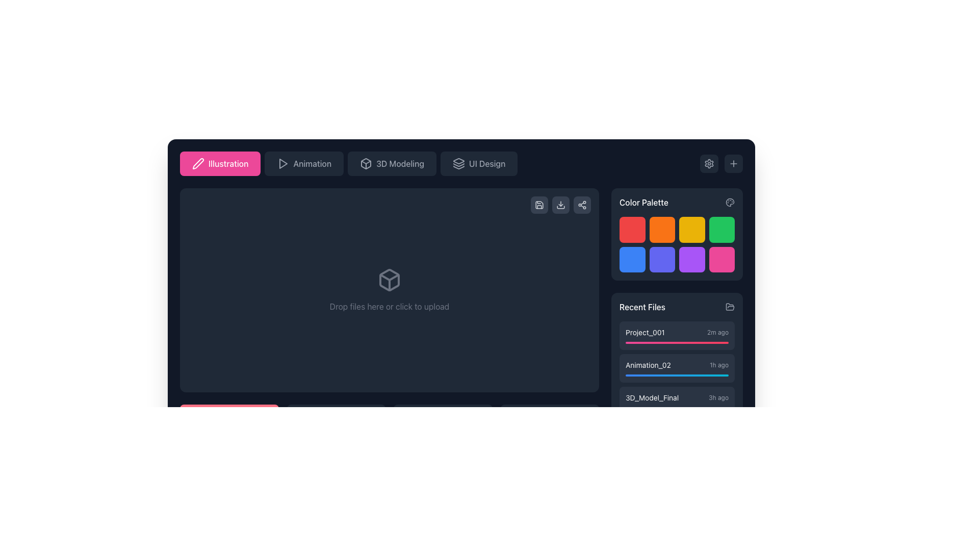  Describe the element at coordinates (717, 332) in the screenshot. I see `the '2m ago' timestamp text label associated with the first item 'Project_001' in the 'Recent Files' list located on the right-hand side of the interface` at that location.